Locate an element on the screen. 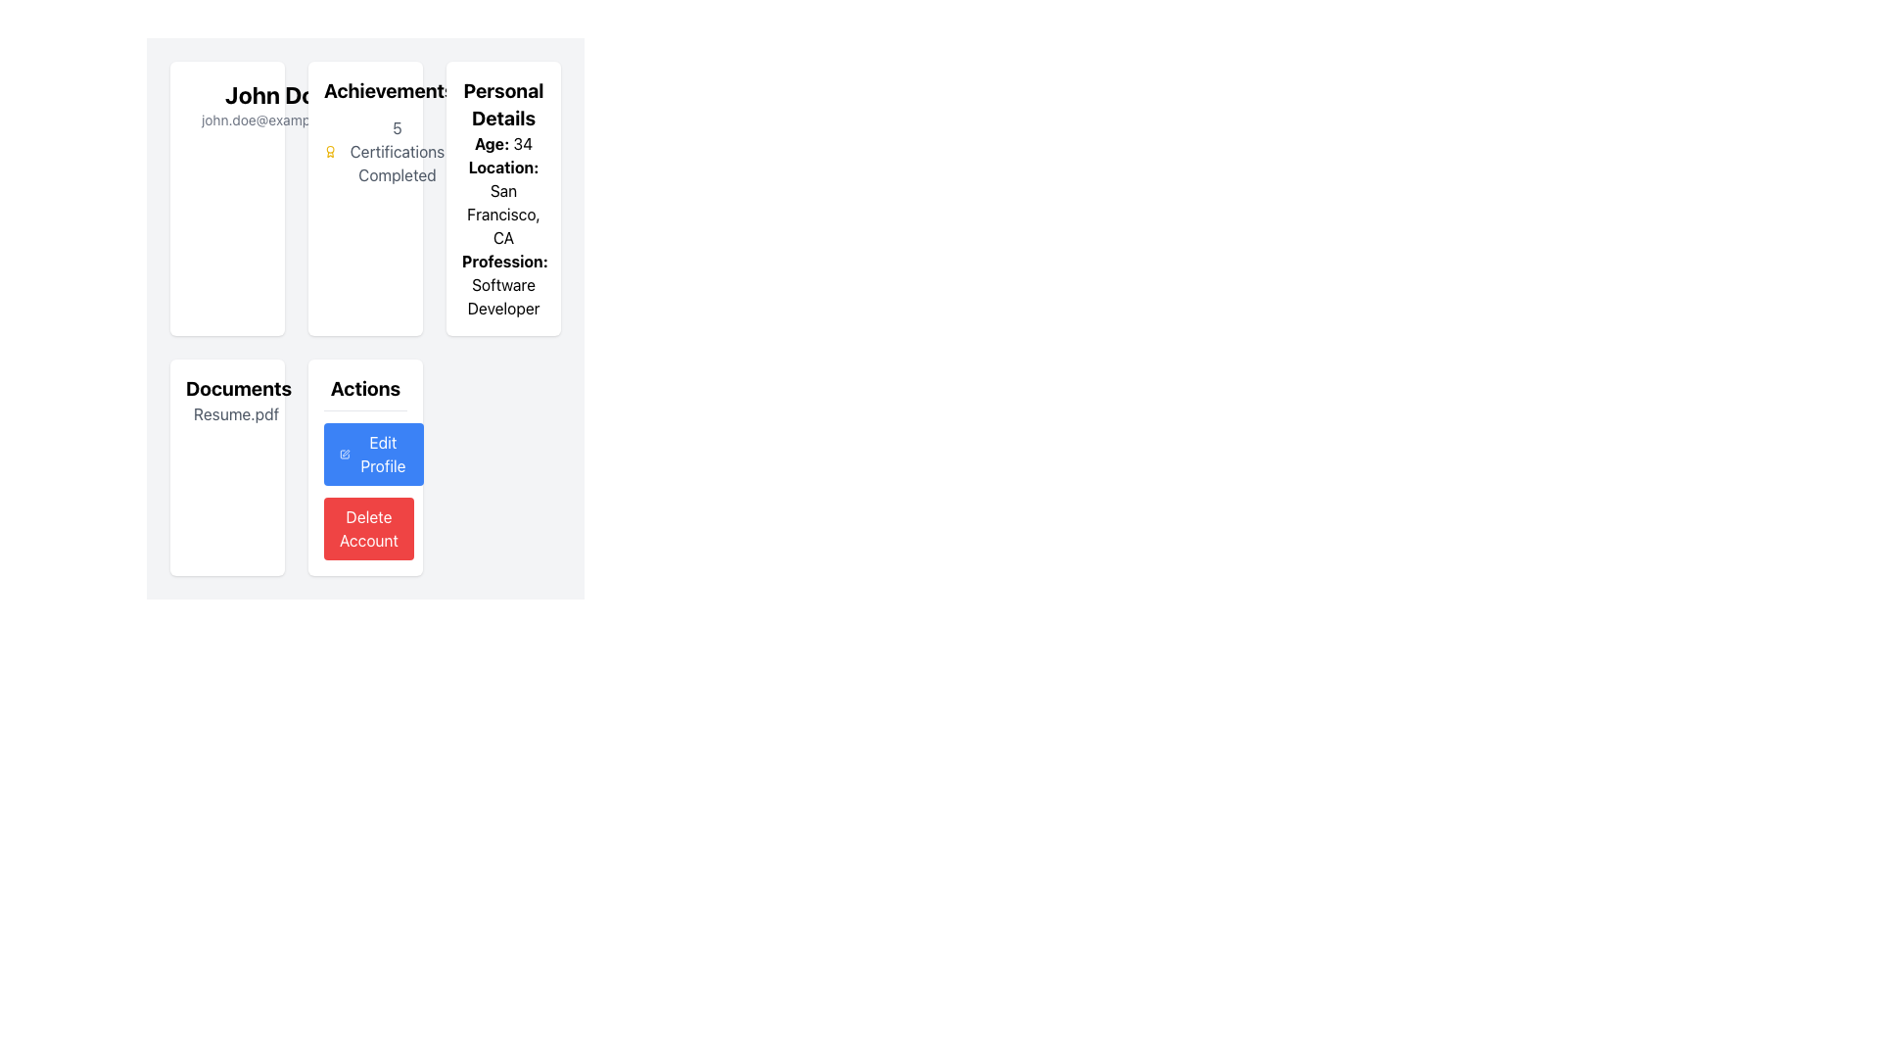  the static text element labeled 'Location:' which is positioned in the 'Personal Details' section, below 'Age: 34' and above 'San Francisco, CA' is located at coordinates (503, 166).